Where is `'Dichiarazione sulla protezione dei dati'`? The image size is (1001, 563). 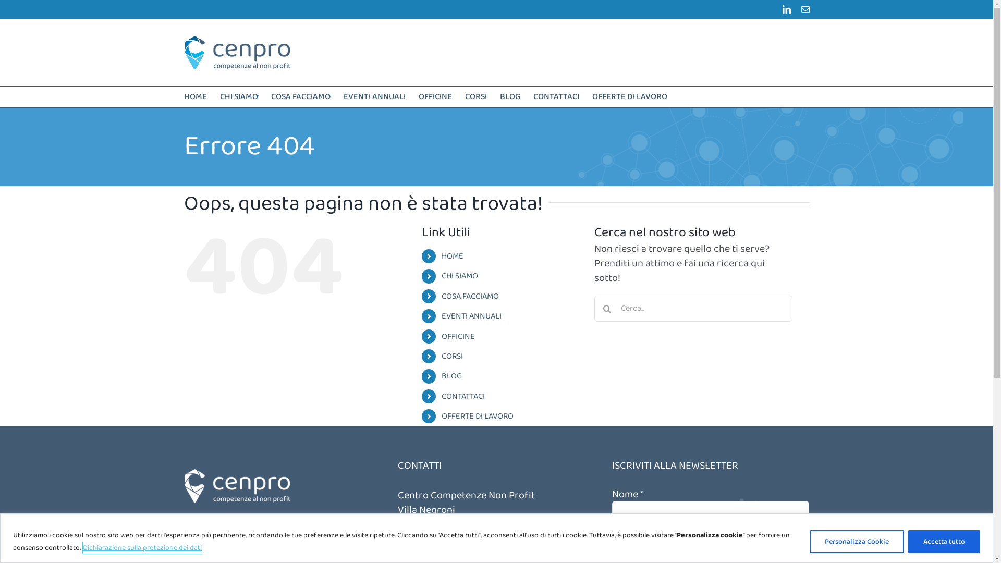 'Dichiarazione sulla protezione dei dati' is located at coordinates (82, 546).